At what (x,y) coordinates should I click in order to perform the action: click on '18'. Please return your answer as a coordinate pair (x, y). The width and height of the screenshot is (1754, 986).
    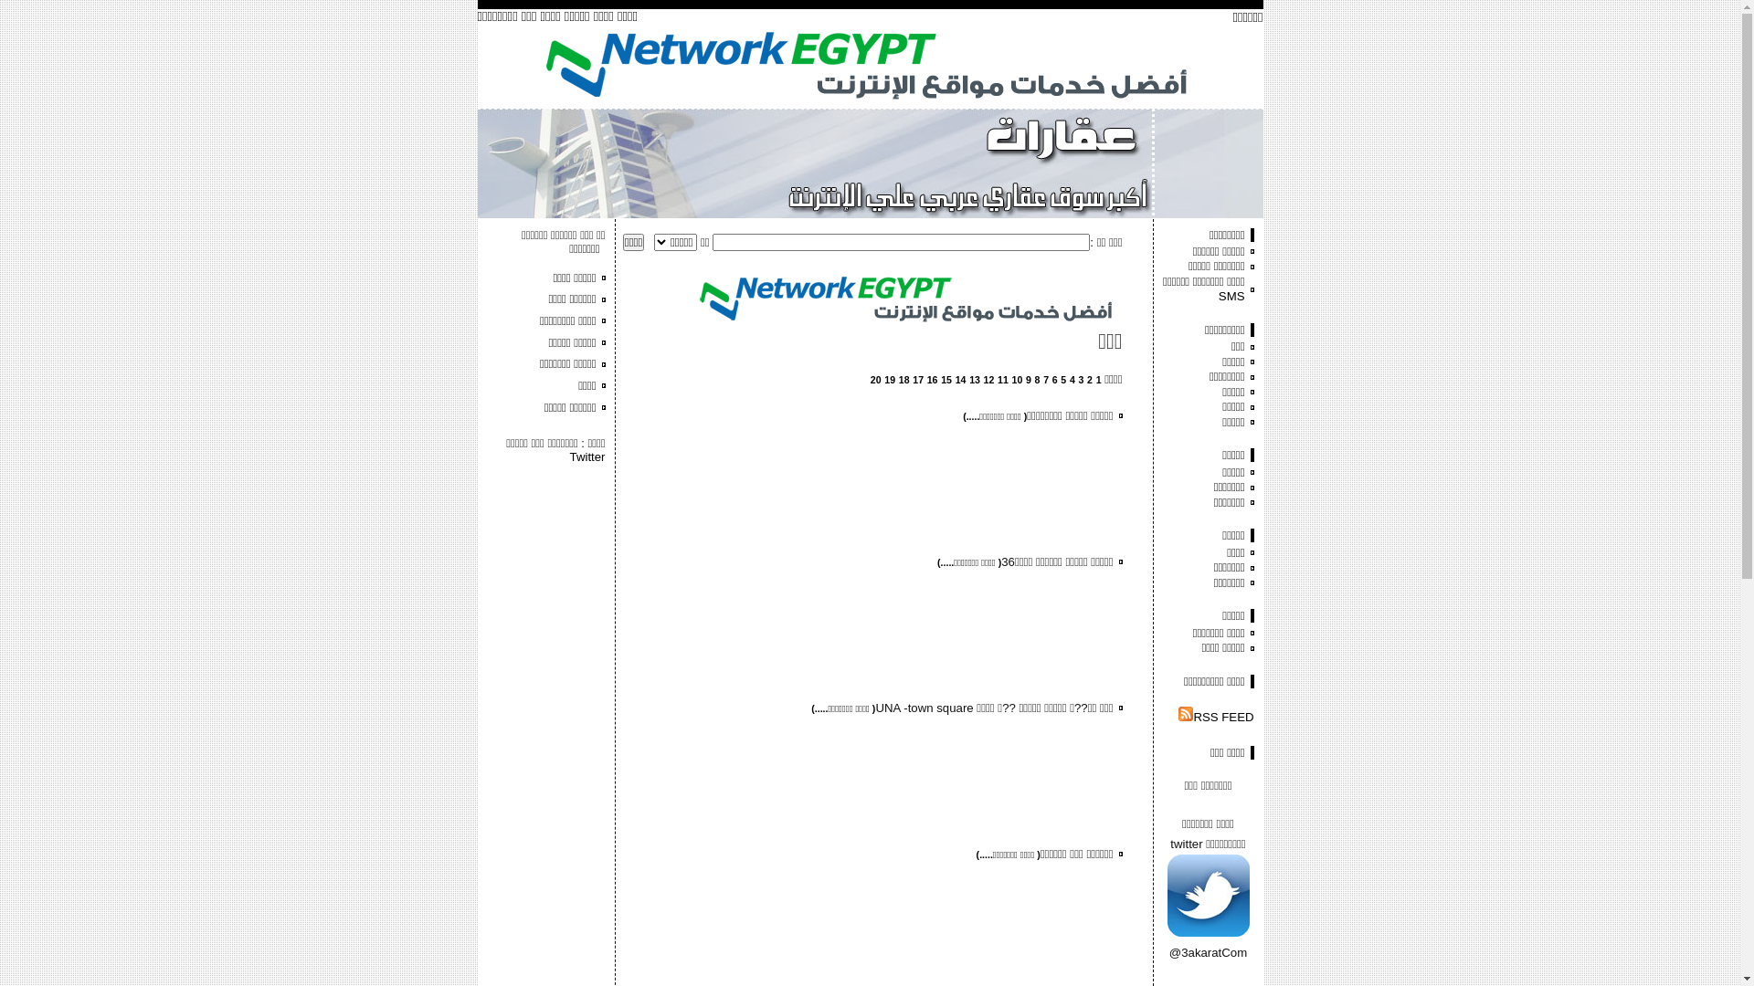
    Looking at the image, I should click on (903, 379).